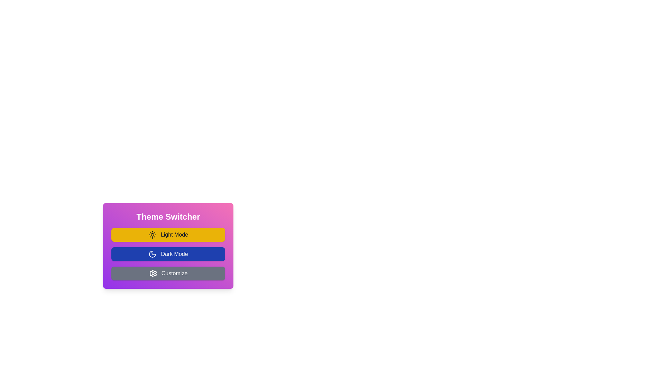 The height and width of the screenshot is (373, 664). I want to click on the toggle button for Light Mode theme, which is located below the 'Theme Switcher' text and above the 'Dark Mode' and 'Customize' buttons, to change its background color, so click(168, 234).